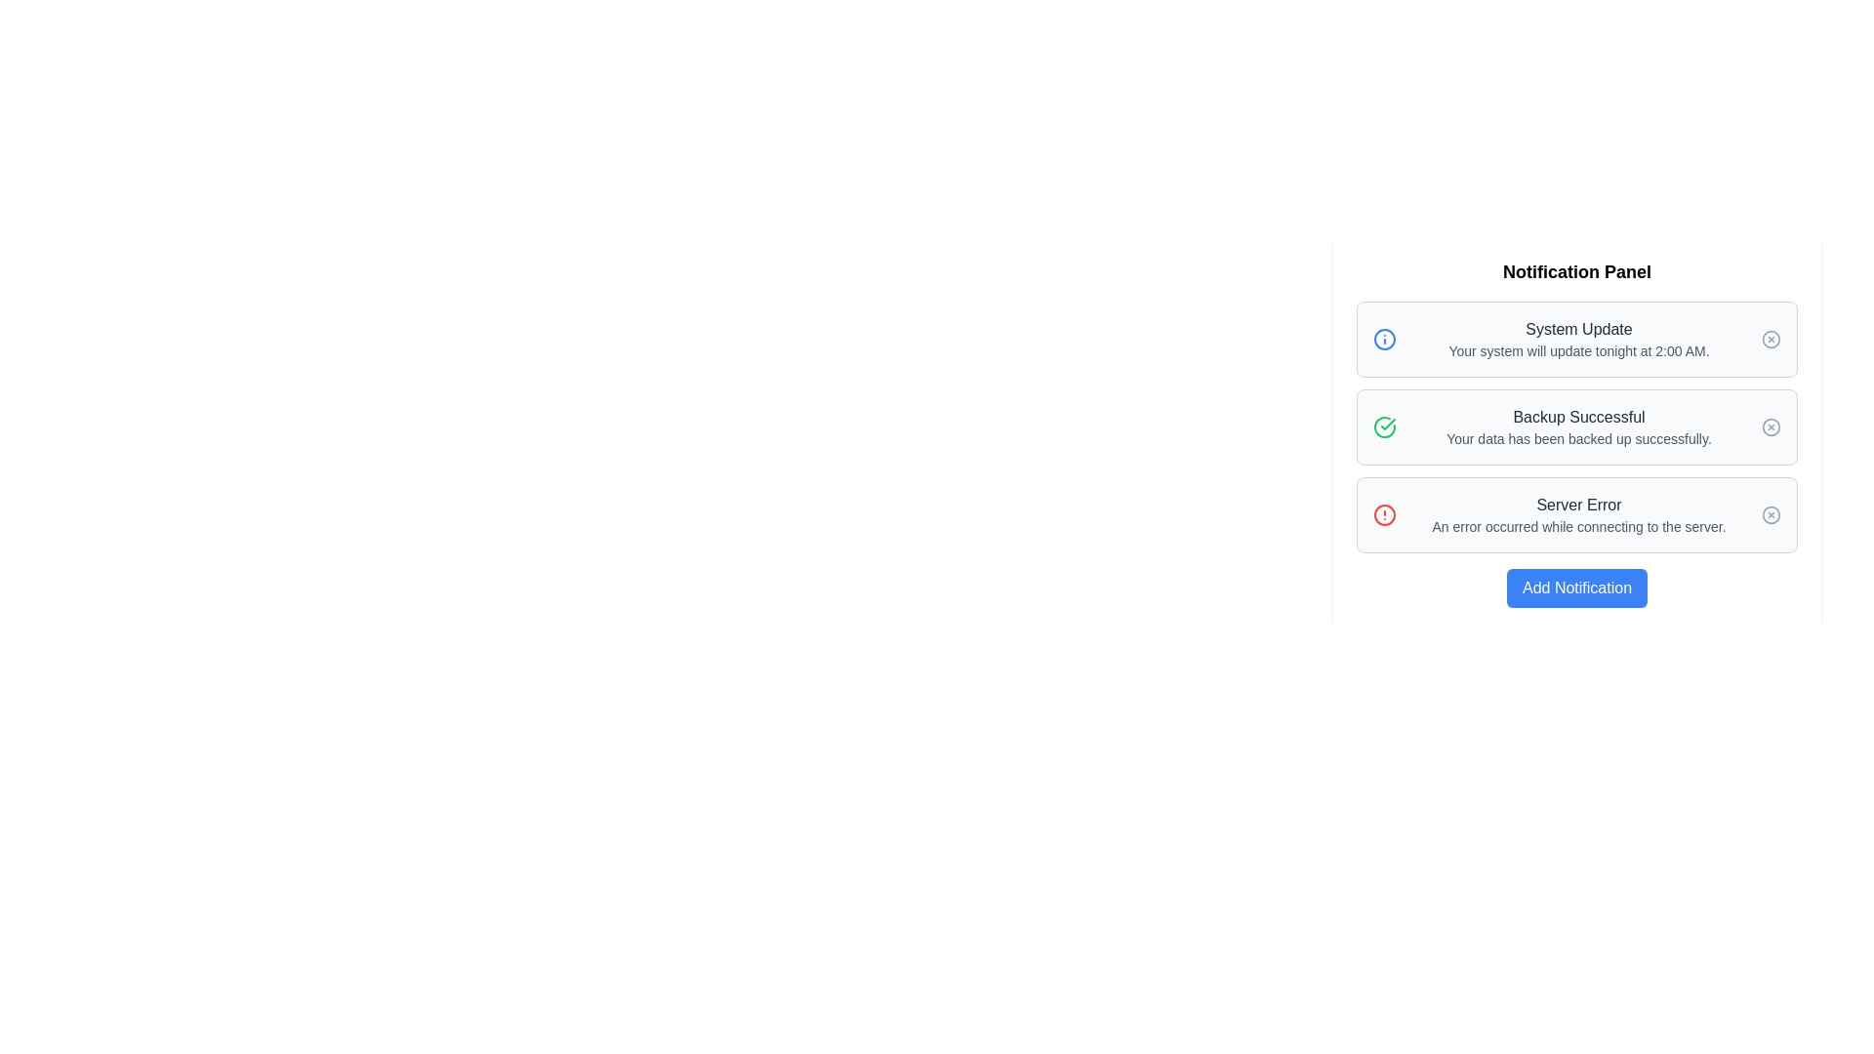  What do you see at coordinates (1577, 271) in the screenshot?
I see `bold heading text element stating 'Notification Panel' located at the top of the panel, which is horizontally centered and serves as an introductory title` at bounding box center [1577, 271].